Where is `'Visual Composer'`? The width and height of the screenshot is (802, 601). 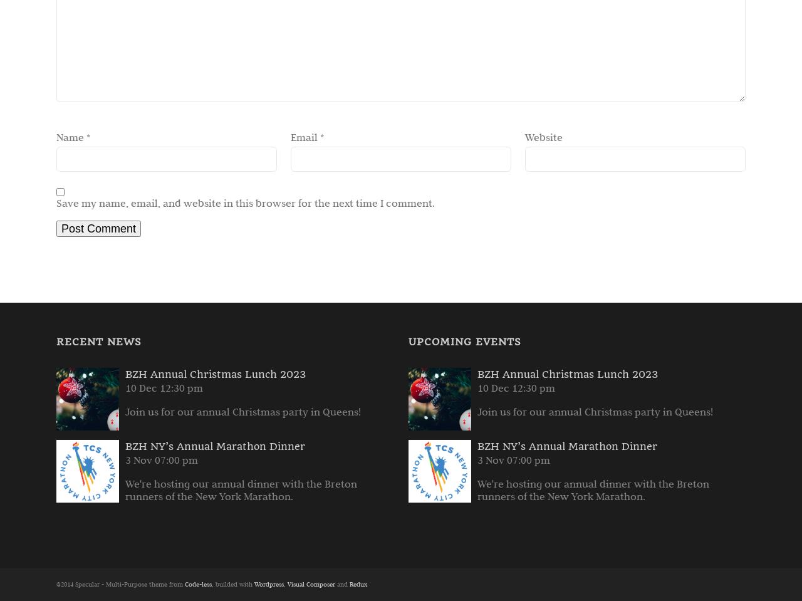
'Visual Composer' is located at coordinates (287, 583).